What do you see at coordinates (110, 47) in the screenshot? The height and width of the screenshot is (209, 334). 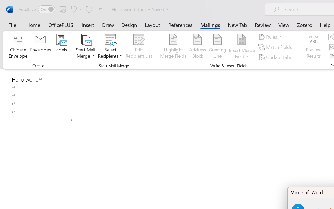 I see `'Select Recipients'` at bounding box center [110, 47].